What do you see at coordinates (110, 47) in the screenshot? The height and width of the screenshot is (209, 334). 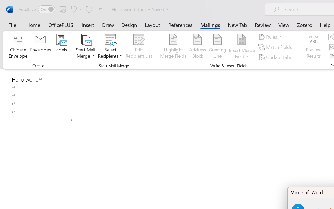 I see `'Select Recipients'` at bounding box center [110, 47].